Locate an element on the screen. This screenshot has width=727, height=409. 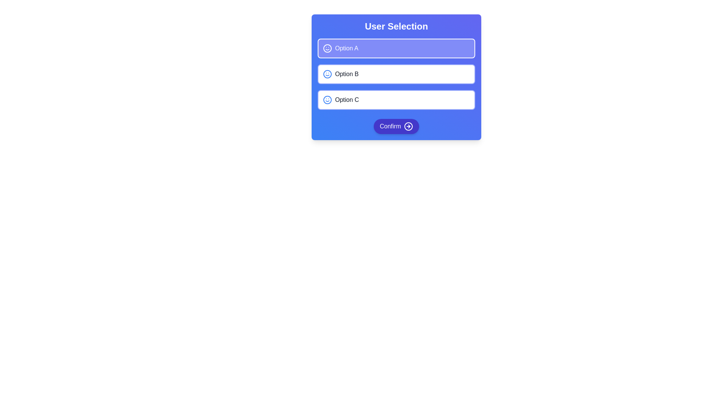
the third selectable list item labeled 'Option C' with a smiling face emoji is located at coordinates (396, 99).